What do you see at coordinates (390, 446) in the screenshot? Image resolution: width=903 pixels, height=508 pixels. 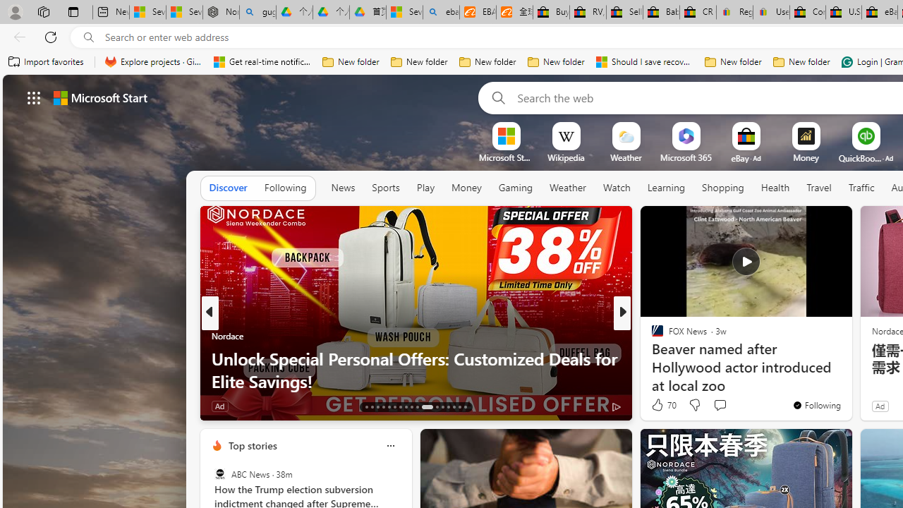 I see `'Class: icon-img'` at bounding box center [390, 446].